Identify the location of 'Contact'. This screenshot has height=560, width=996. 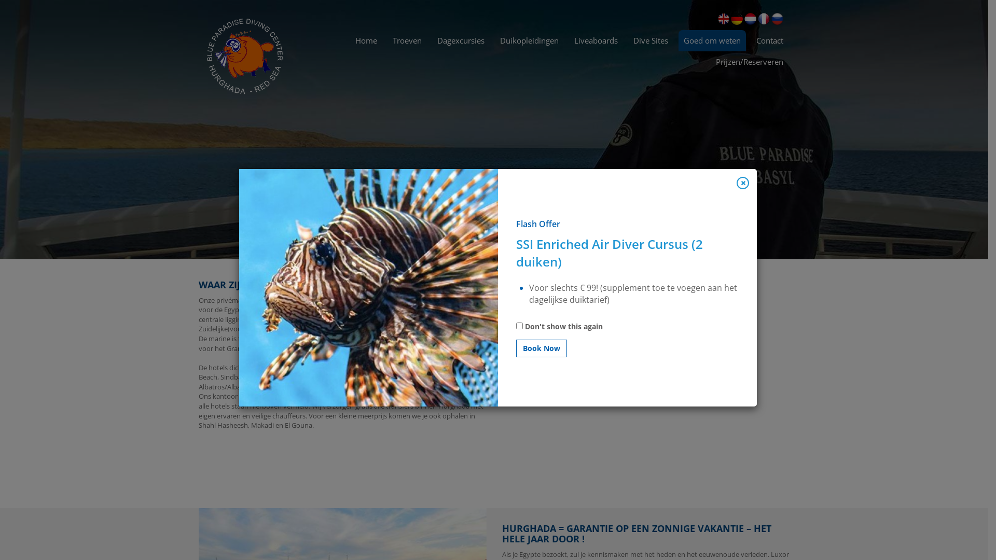
(769, 40).